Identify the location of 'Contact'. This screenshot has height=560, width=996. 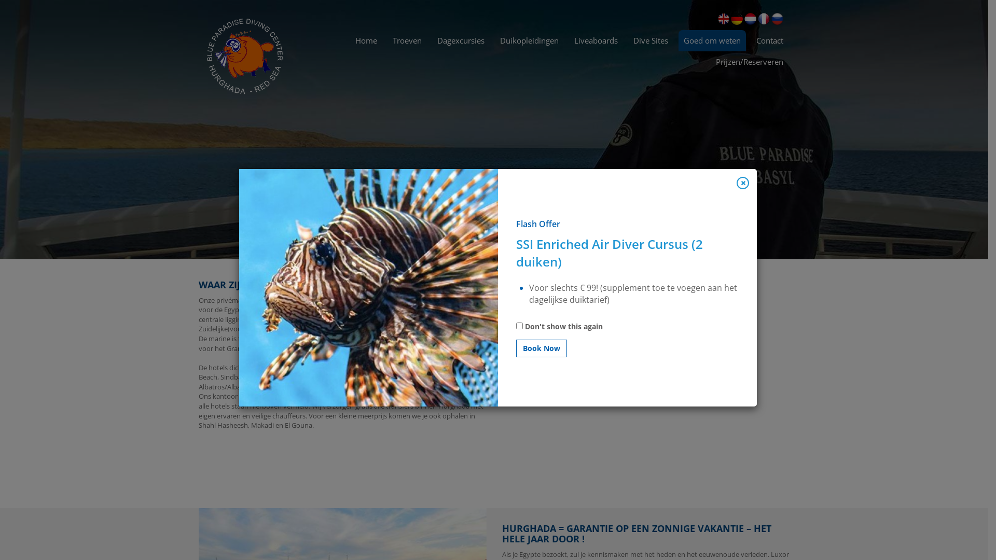
(769, 40).